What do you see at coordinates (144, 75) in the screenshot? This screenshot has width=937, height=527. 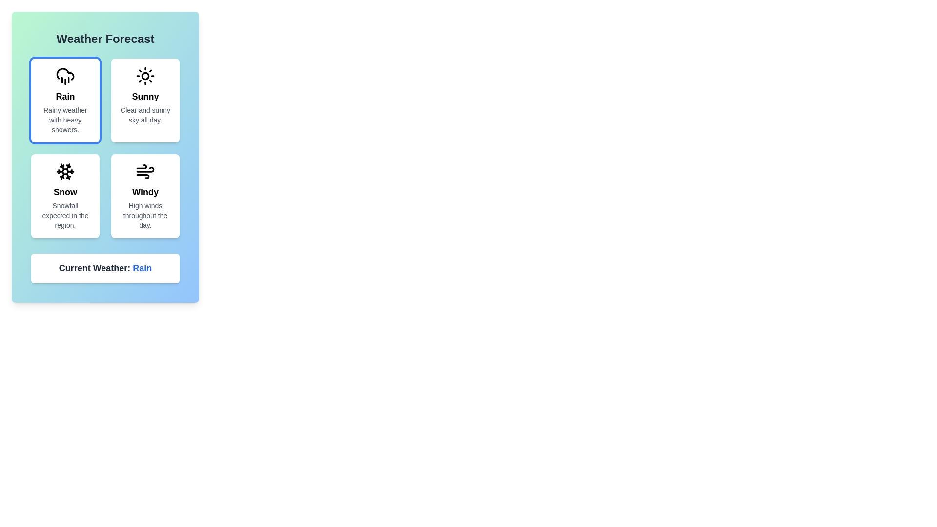 I see `the central hollow circle of the sun icon within the Sunny card located in the upper row of the weather forecast interface` at bounding box center [144, 75].